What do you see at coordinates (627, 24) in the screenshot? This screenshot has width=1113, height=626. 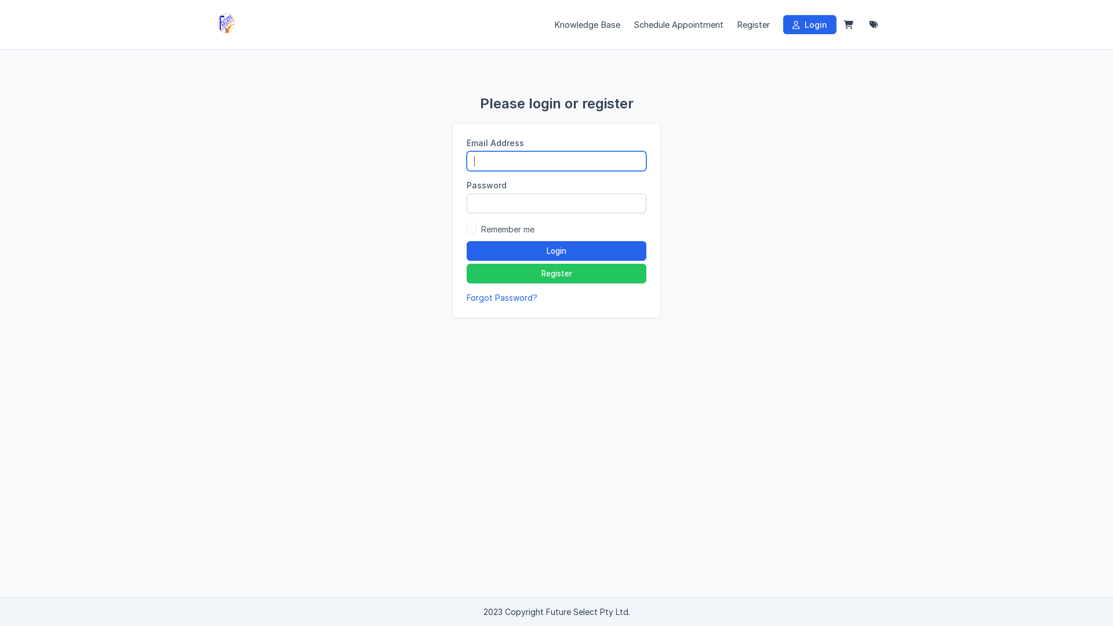 I see `'Schedule Appointment'` at bounding box center [627, 24].